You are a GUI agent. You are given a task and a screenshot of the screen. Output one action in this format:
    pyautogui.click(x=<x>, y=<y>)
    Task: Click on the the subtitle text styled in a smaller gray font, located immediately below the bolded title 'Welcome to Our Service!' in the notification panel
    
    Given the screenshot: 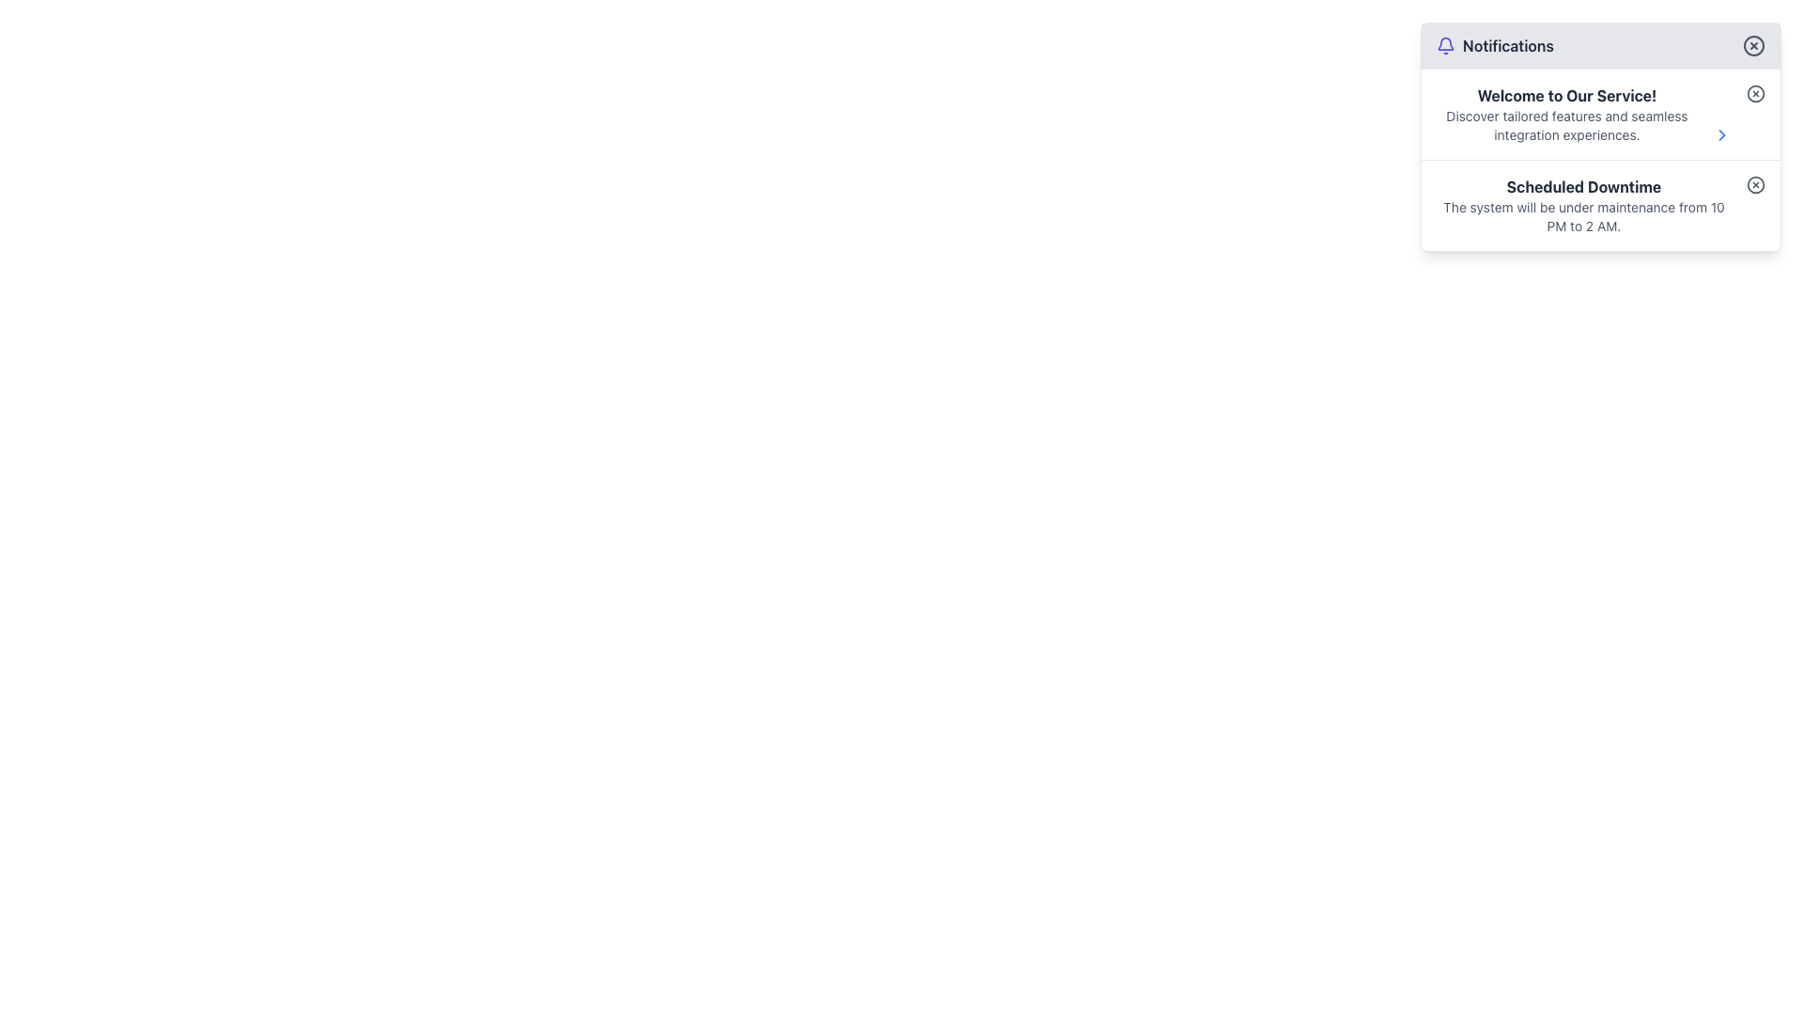 What is the action you would take?
    pyautogui.click(x=1567, y=126)
    